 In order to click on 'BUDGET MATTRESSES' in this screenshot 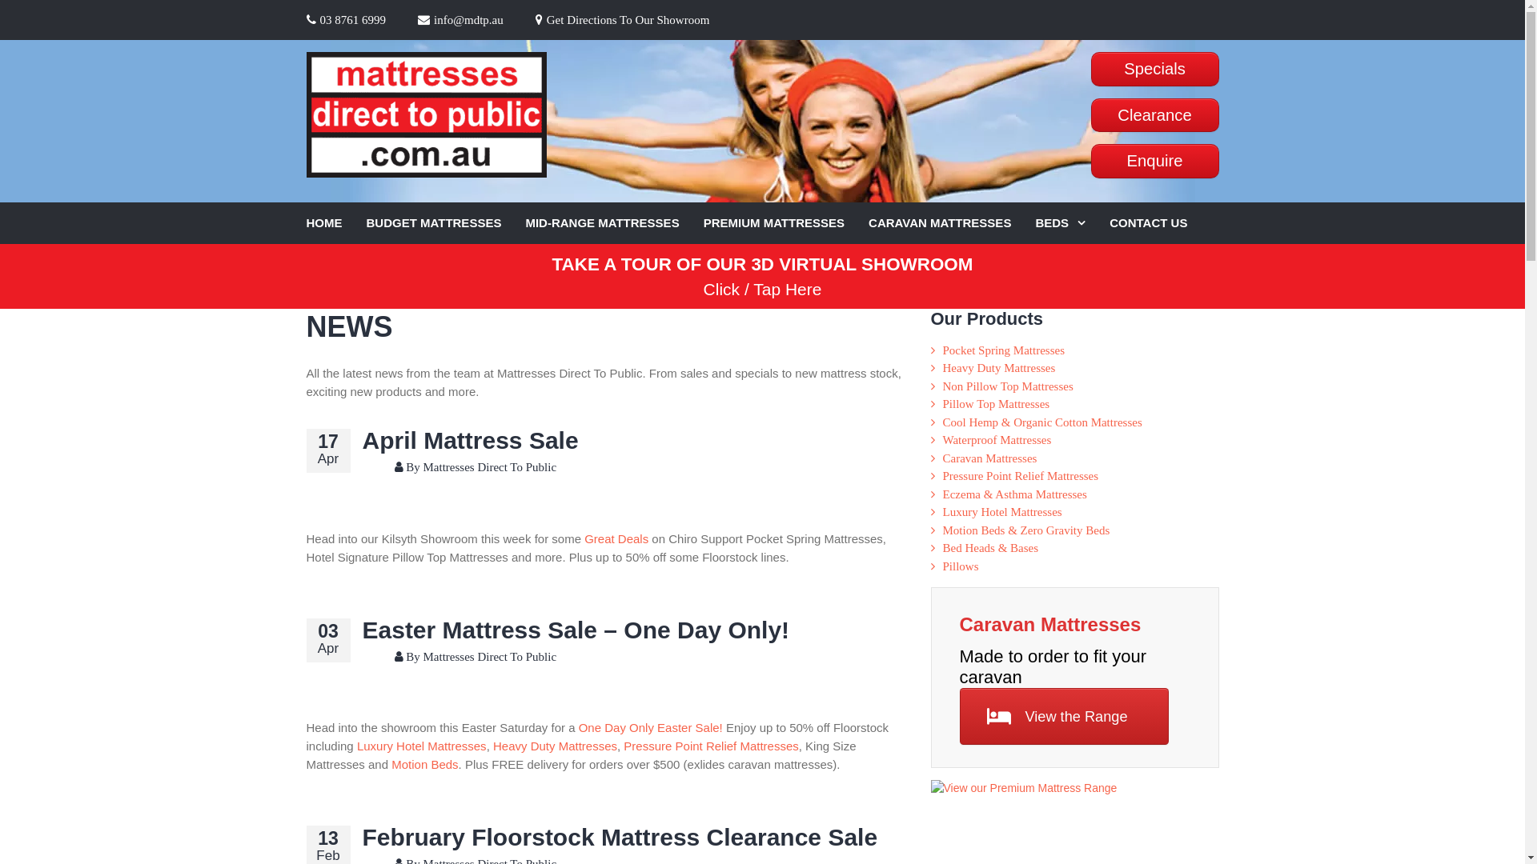, I will do `click(446, 223)`.